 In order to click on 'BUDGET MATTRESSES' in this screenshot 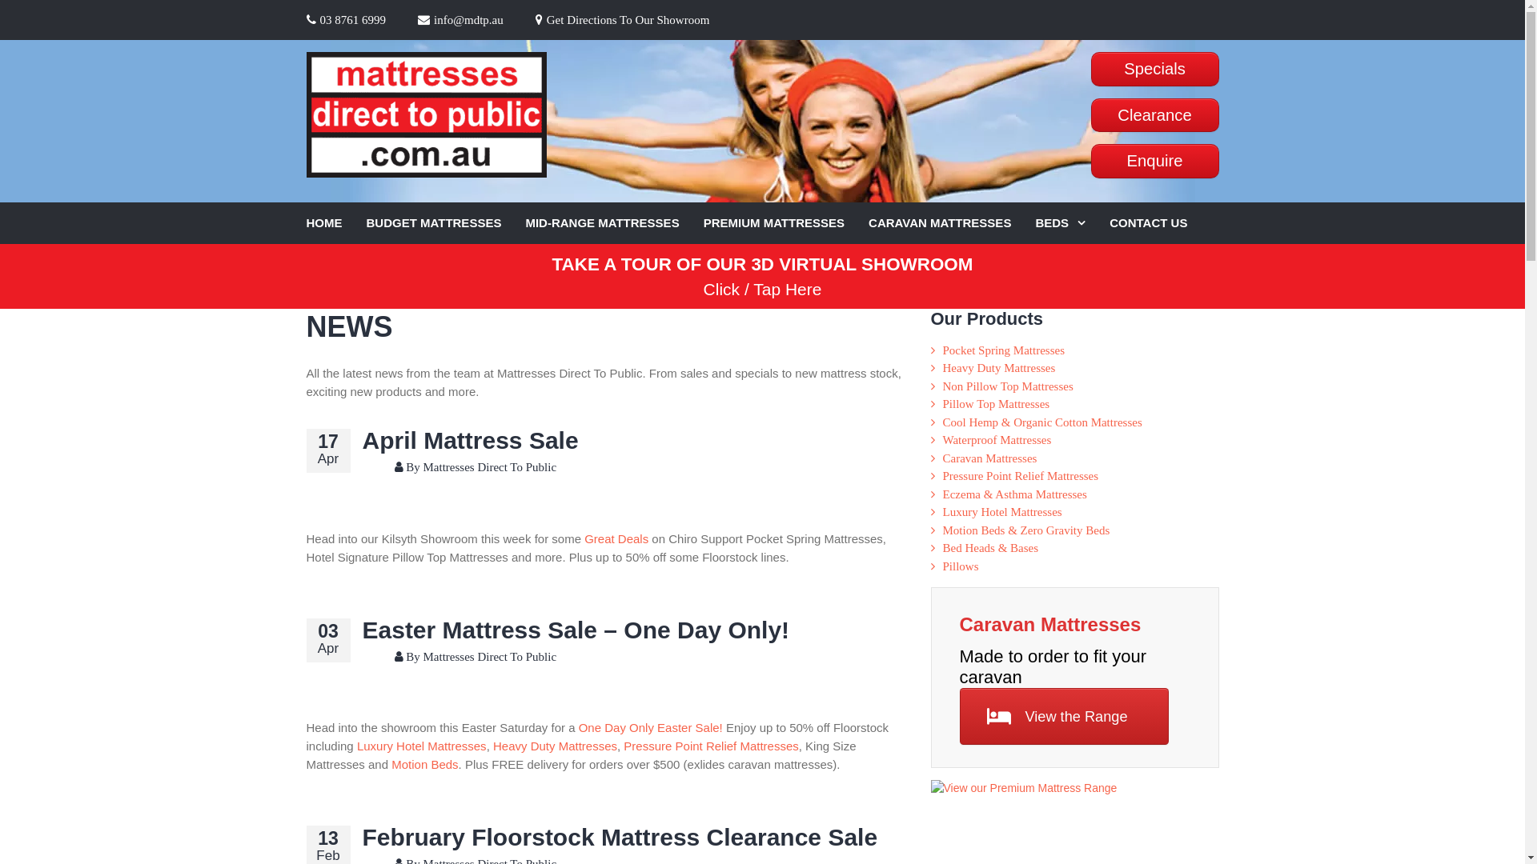, I will do `click(446, 223)`.